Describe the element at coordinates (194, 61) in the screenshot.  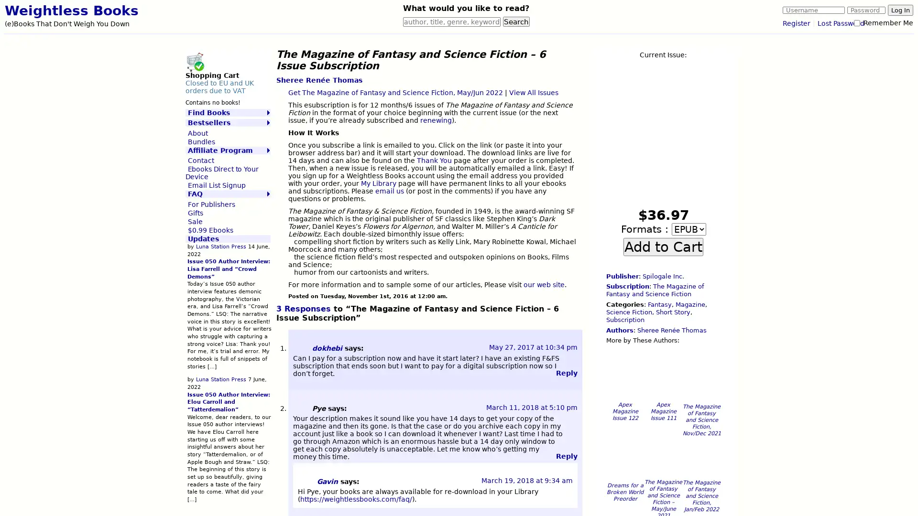
I see `Shopping Cart` at that location.